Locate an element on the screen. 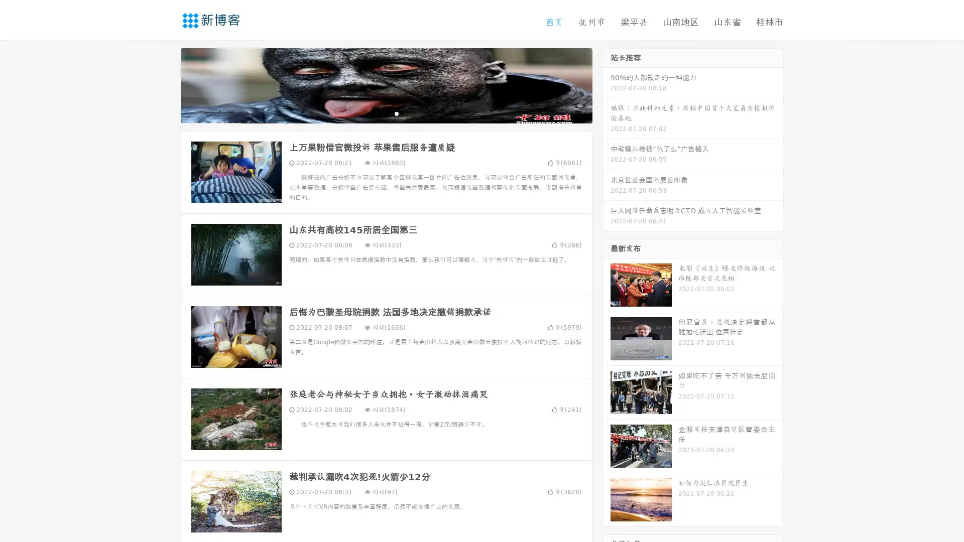  Go to slide 2 is located at coordinates (386, 113).